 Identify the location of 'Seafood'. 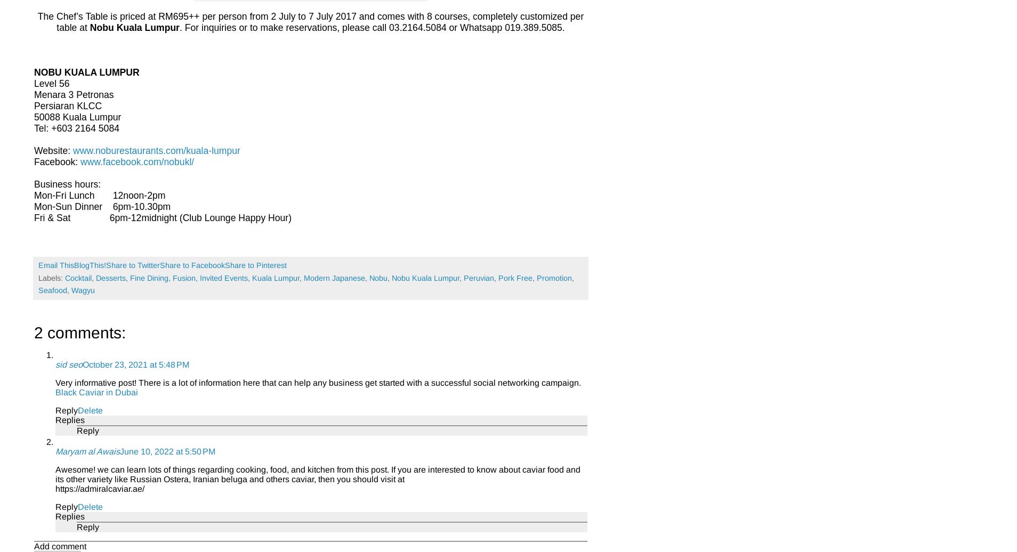
(52, 290).